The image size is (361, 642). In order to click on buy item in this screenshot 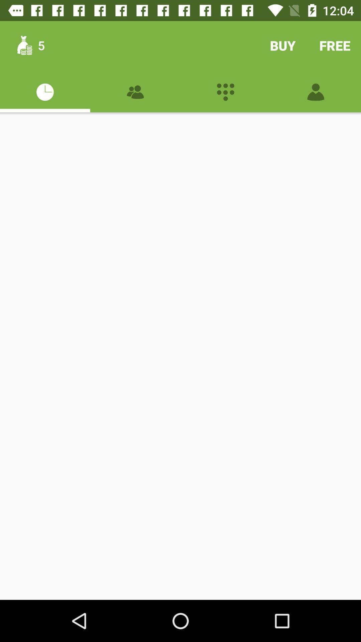, I will do `click(282, 45)`.